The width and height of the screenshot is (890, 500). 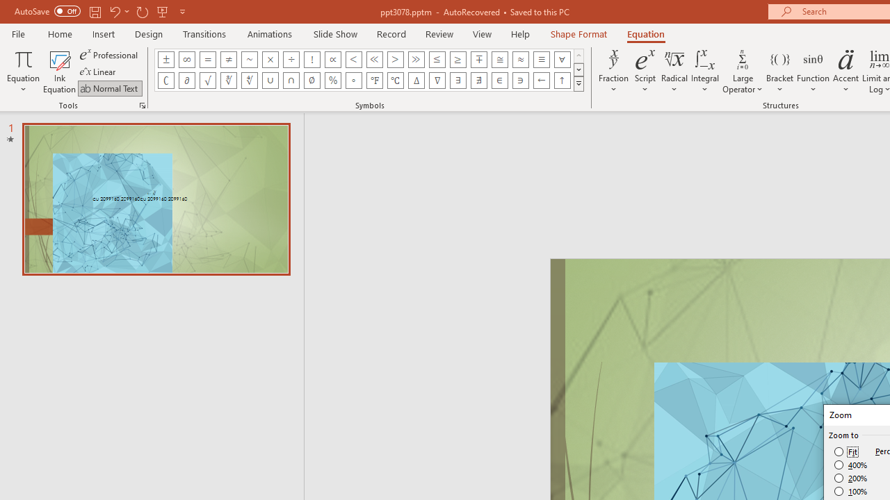 What do you see at coordinates (370, 69) in the screenshot?
I see `'AutomationID: EquationSymbolsInsertGallery'` at bounding box center [370, 69].